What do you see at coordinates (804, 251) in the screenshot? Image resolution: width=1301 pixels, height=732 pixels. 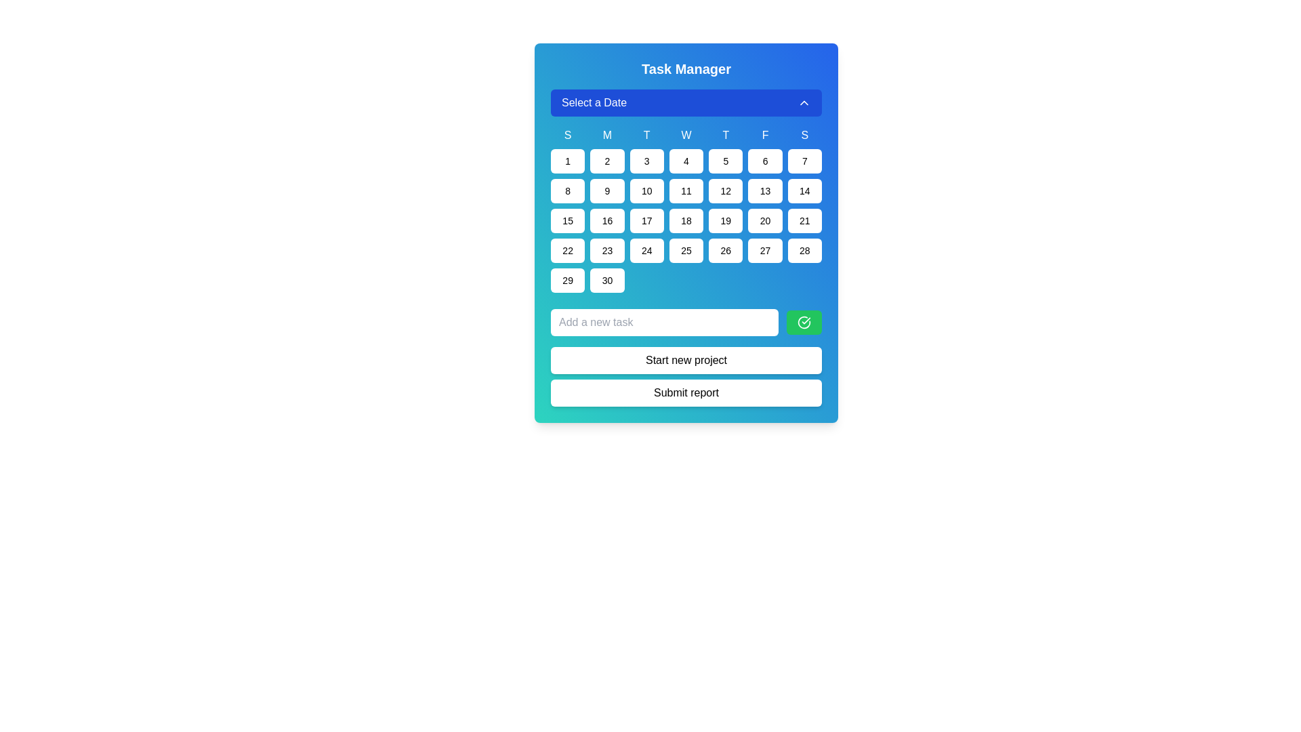 I see `the selectable date button in the calendar interface, which is the seventh element in the fourth row, to change its background color` at bounding box center [804, 251].